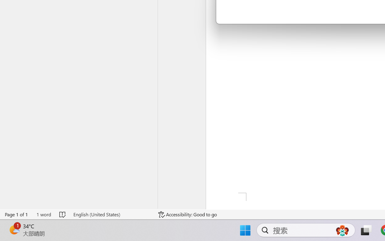 This screenshot has width=385, height=241. Describe the element at coordinates (342, 230) in the screenshot. I see `'AutomationID: DynamicSearchBoxGleamImage'` at that location.